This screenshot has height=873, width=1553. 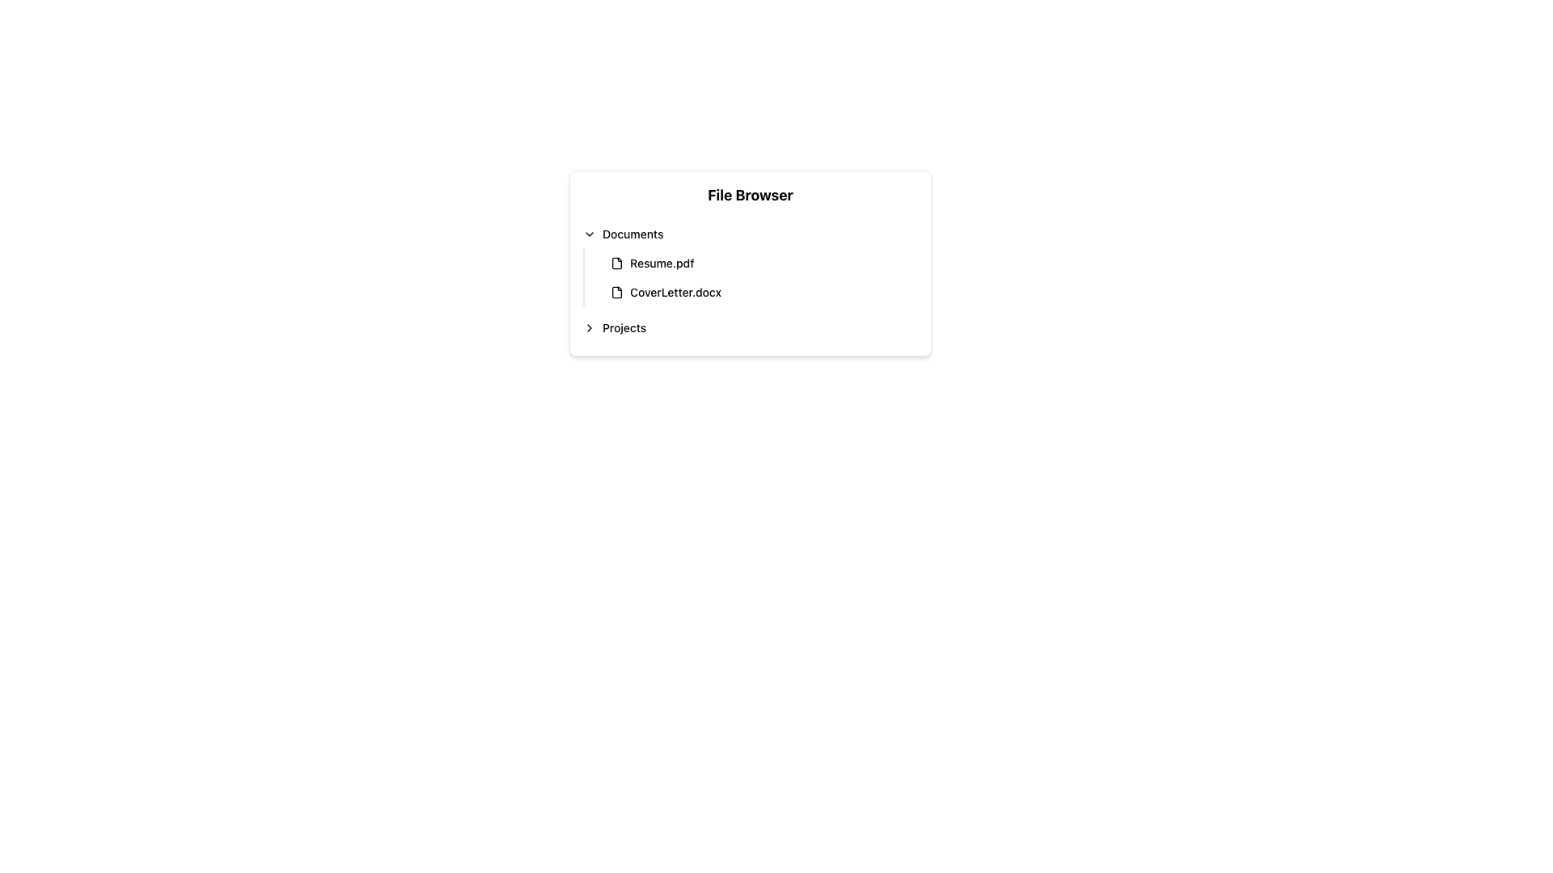 What do you see at coordinates (589, 327) in the screenshot?
I see `the icon to the left of the 'Projects' text` at bounding box center [589, 327].